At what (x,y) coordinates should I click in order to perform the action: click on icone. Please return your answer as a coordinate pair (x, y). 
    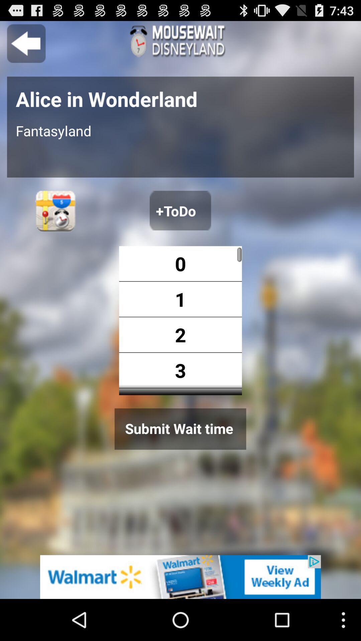
    Looking at the image, I should click on (180, 577).